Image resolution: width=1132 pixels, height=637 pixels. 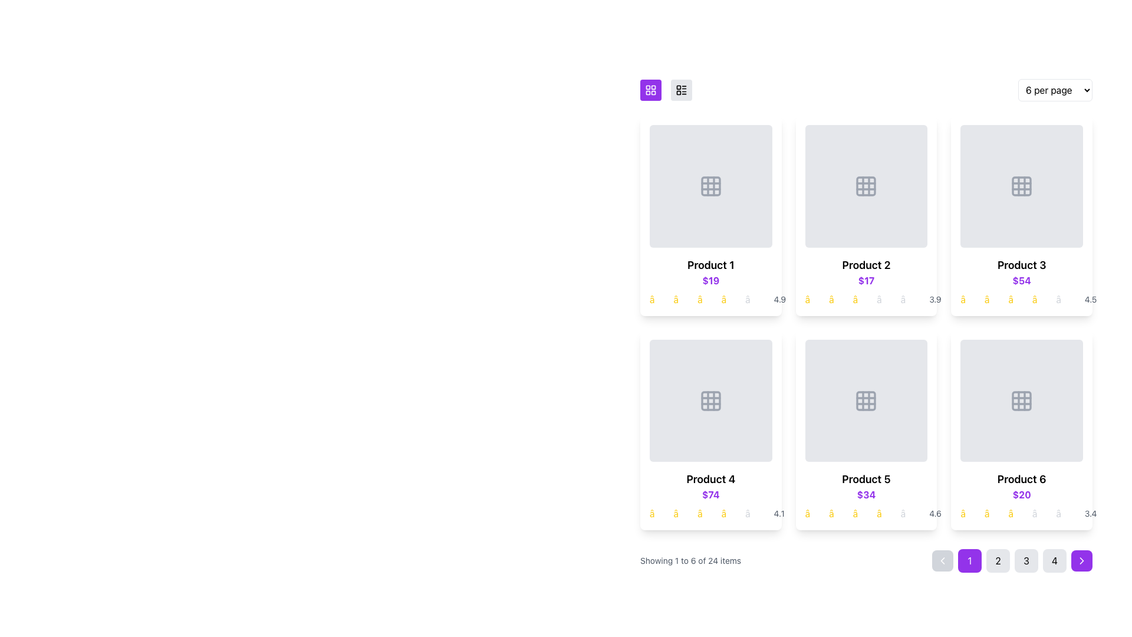 I want to click on the circular button labeled '3' with a light gray background located in the pagination bar at the bottom center of the layout, so click(x=1026, y=560).